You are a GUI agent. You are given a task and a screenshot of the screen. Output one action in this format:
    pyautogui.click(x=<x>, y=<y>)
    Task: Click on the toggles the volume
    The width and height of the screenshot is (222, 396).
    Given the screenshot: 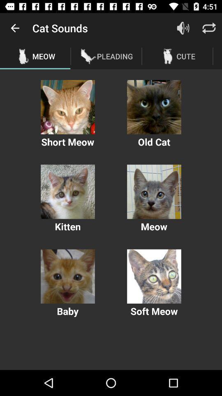 What is the action you would take?
    pyautogui.click(x=183, y=28)
    